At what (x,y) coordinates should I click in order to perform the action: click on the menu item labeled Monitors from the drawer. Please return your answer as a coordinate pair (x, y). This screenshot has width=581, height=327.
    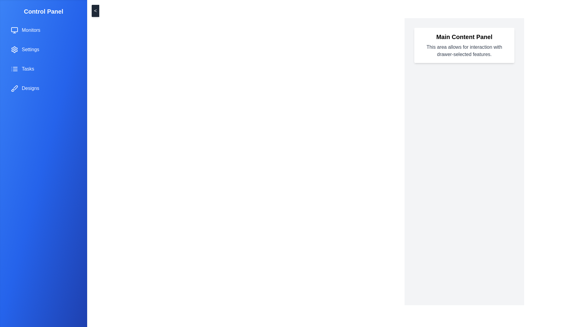
    Looking at the image, I should click on (43, 30).